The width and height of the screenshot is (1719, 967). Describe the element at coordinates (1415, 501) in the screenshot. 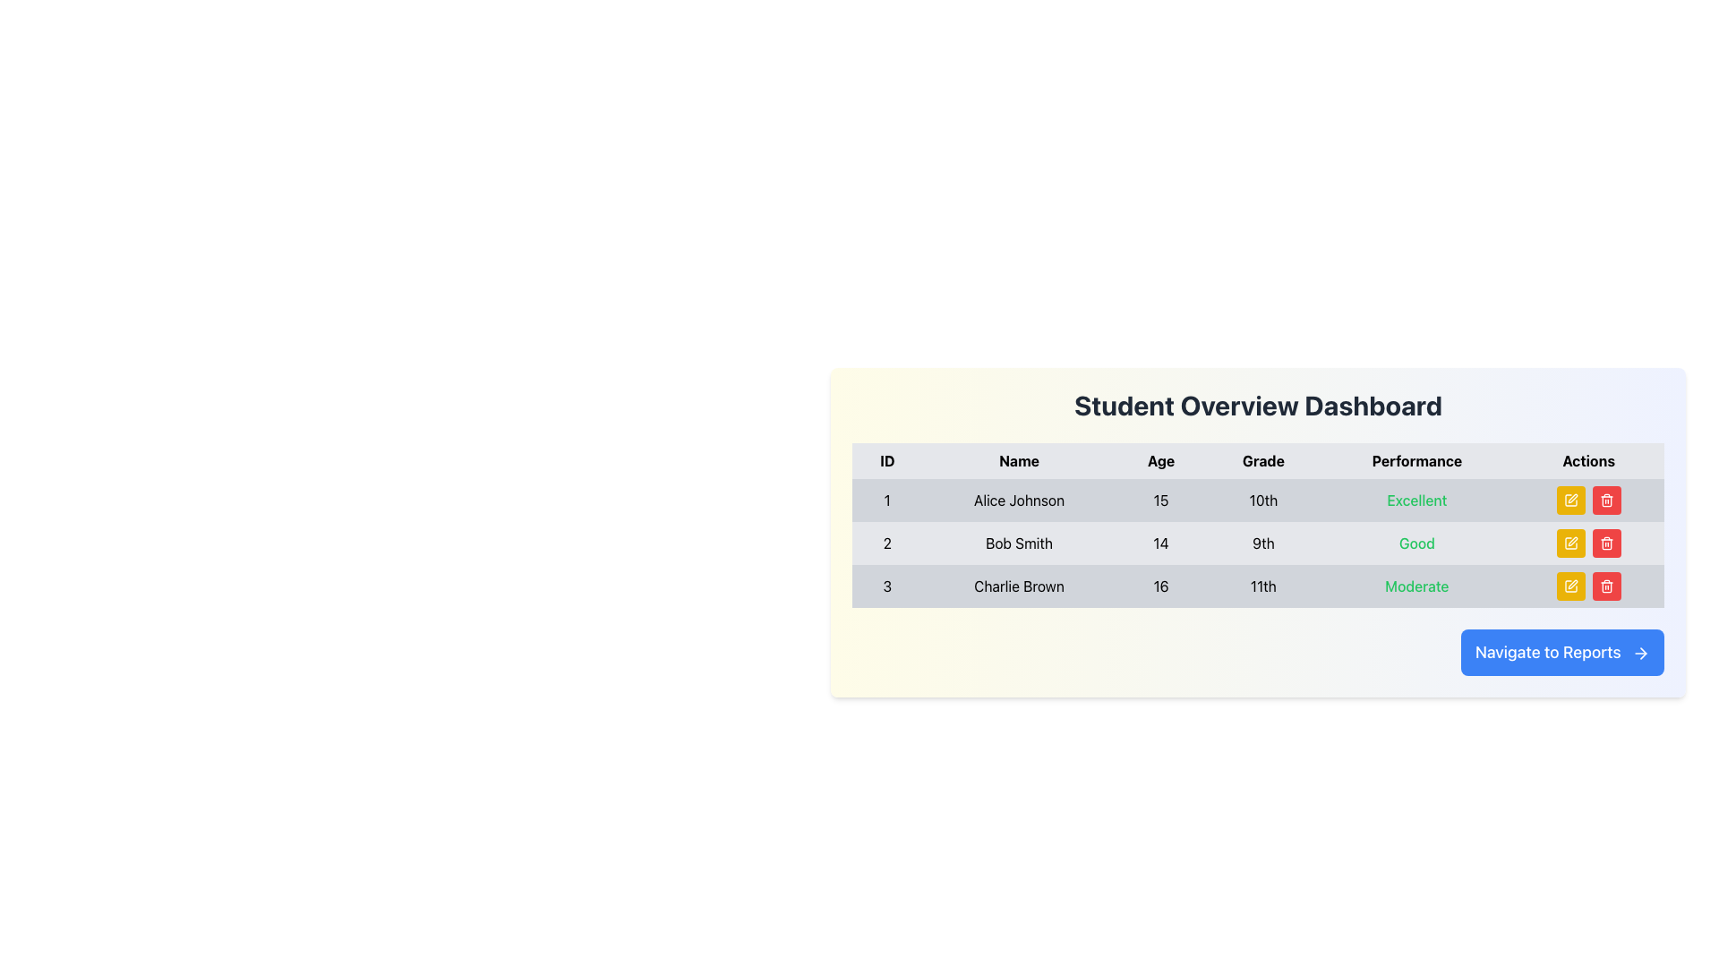

I see `the text label 'Excellent' in green font located in the 'Performance' column of the first row of the data table, aligned with the 'Alice Johnson' row` at that location.